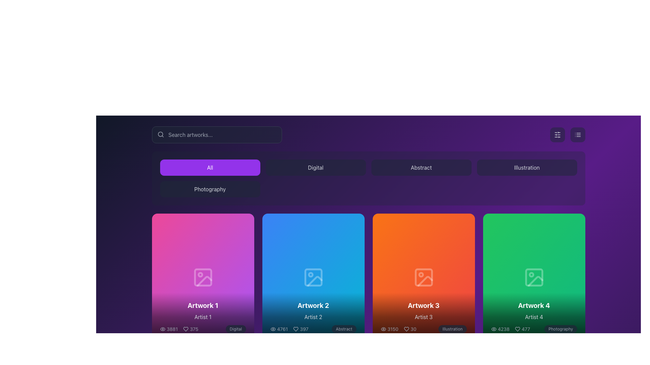 The width and height of the screenshot is (650, 365). What do you see at coordinates (313, 277) in the screenshot?
I see `the Tile or Card representing 'Artwork 2' by 'Artist 2'` at bounding box center [313, 277].